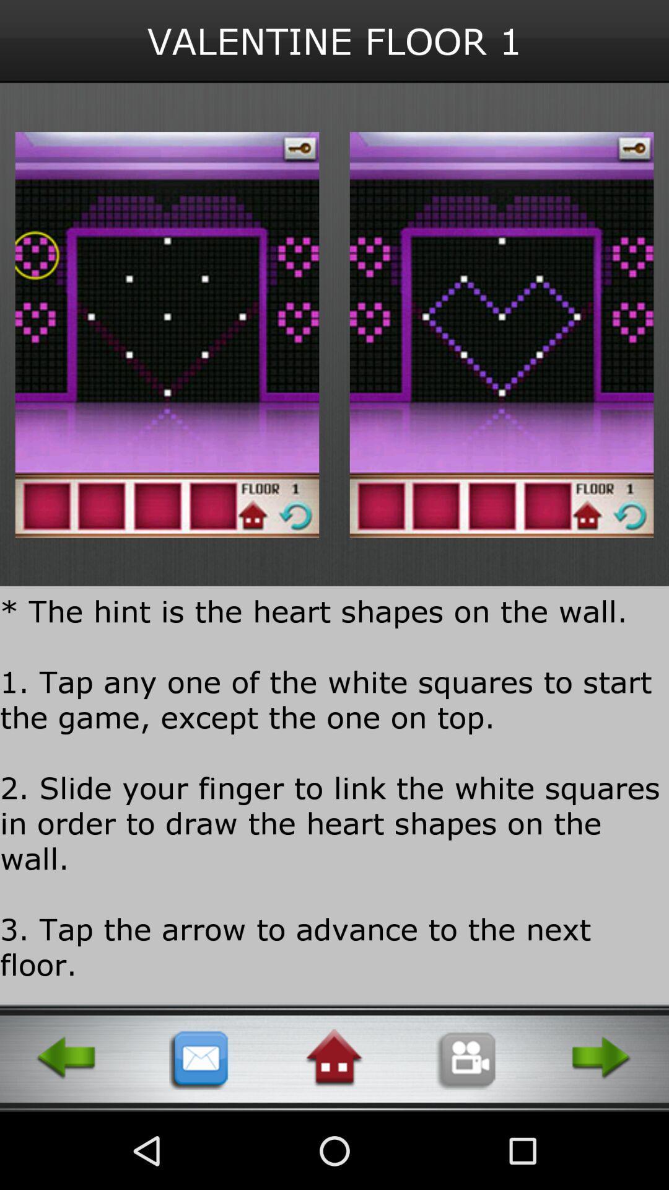  I want to click on home menu, so click(333, 1057).